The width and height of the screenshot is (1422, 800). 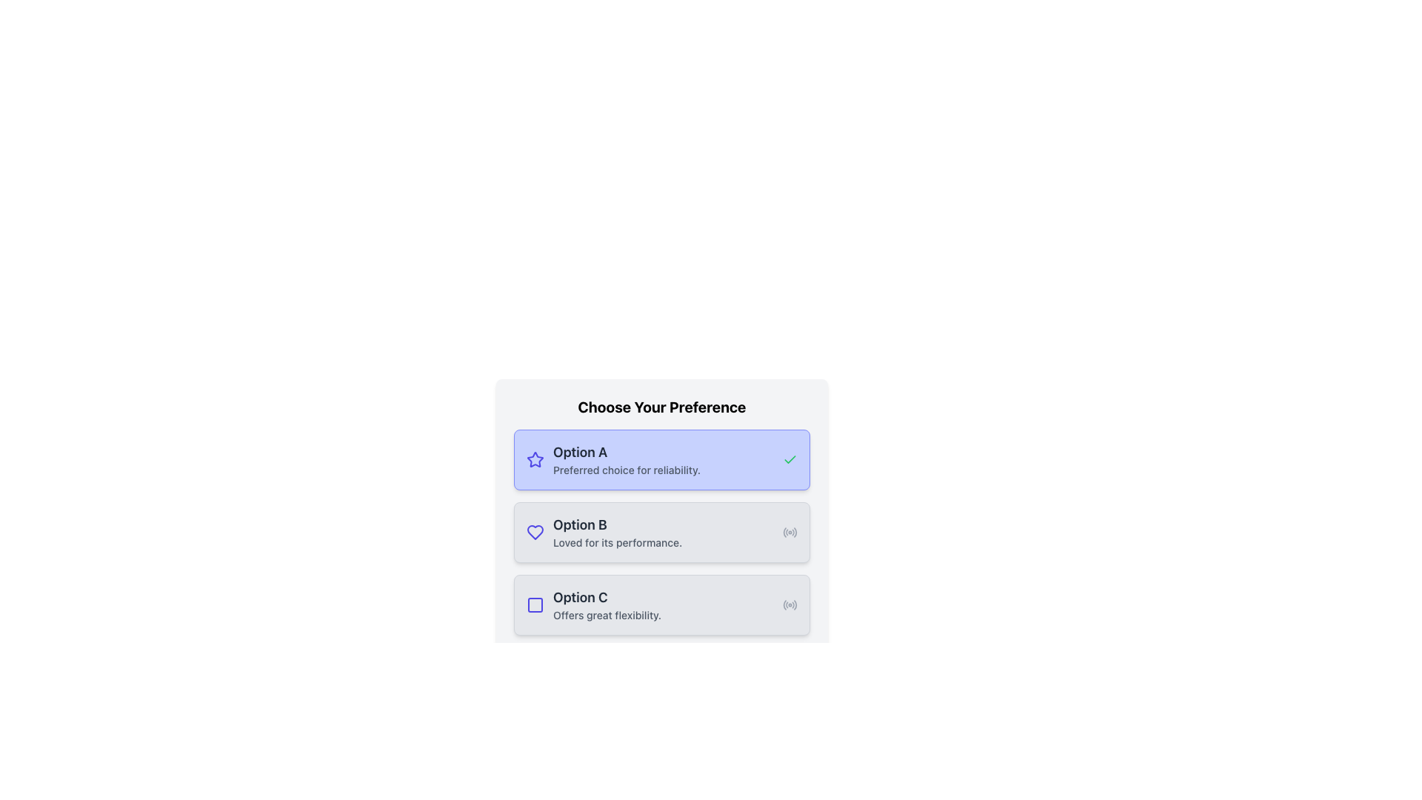 What do you see at coordinates (535, 459) in the screenshot?
I see `the Star icon located at the top of the selection card labeled 'Option A' to indicate the selection status` at bounding box center [535, 459].